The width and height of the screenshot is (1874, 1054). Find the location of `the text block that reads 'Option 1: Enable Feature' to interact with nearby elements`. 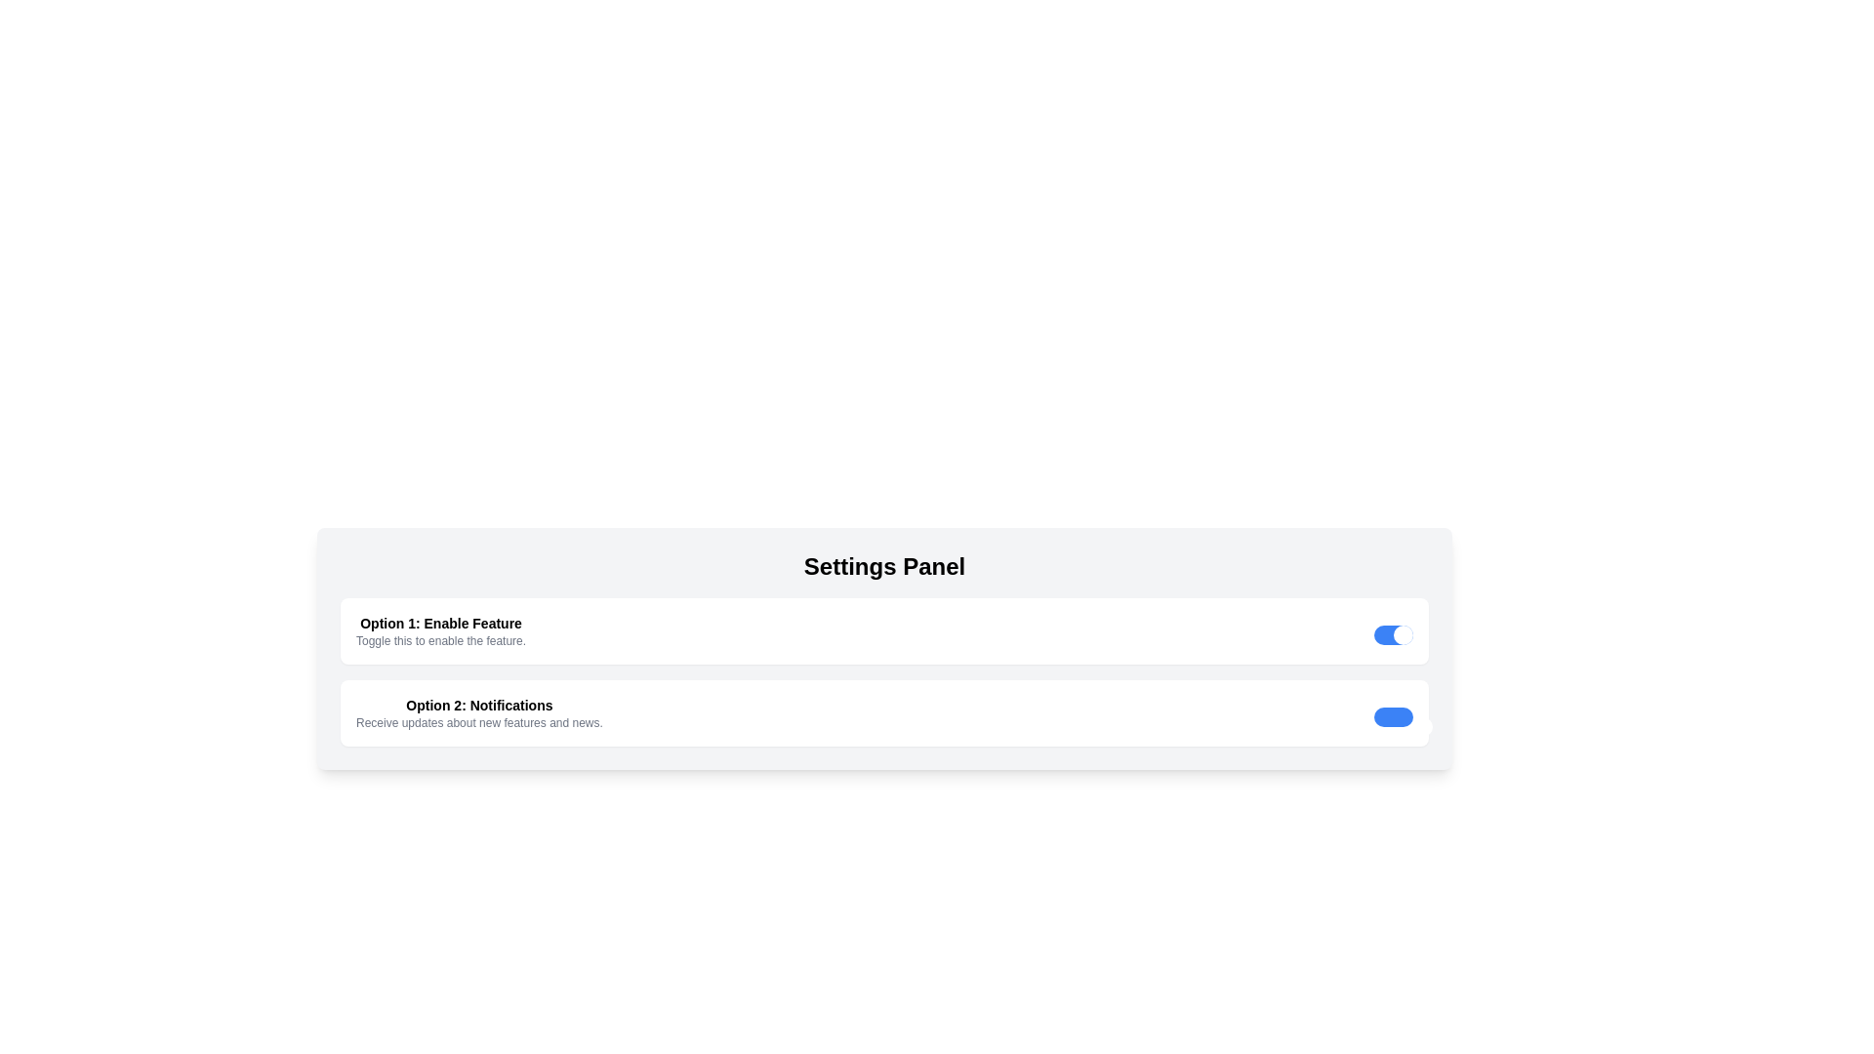

the text block that reads 'Option 1: Enable Feature' to interact with nearby elements is located at coordinates (439, 631).